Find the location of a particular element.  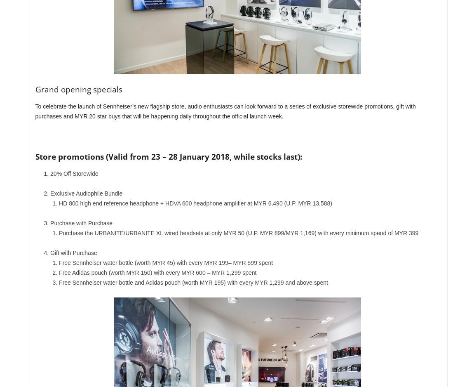

'Free Sennheiser water bottle and Adidas pouch (worth MYR 195) with every MYR 1,299 and above spent' is located at coordinates (193, 283).